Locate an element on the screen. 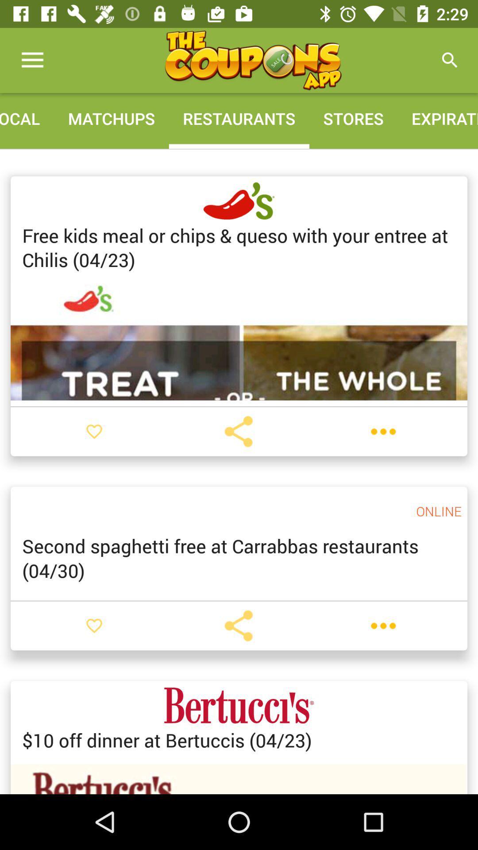 Image resolution: width=478 pixels, height=850 pixels. more options is located at coordinates (383, 431).